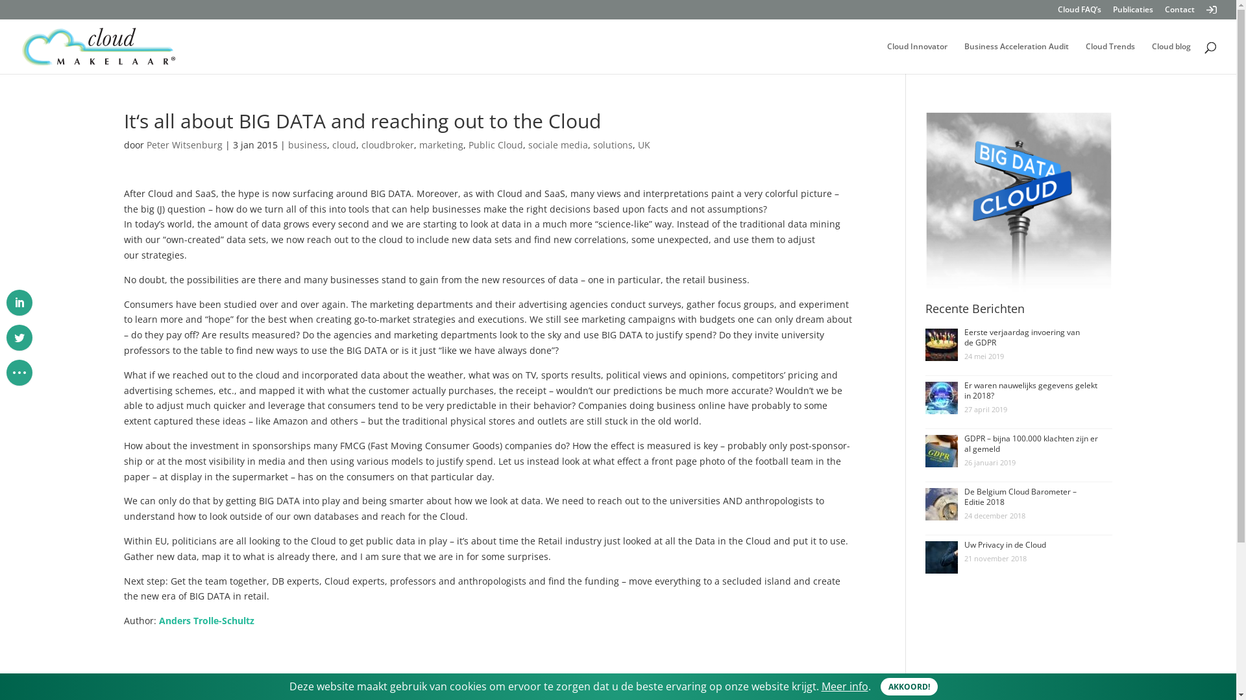 This screenshot has height=700, width=1246. What do you see at coordinates (1171, 57) in the screenshot?
I see `'Cloud blog'` at bounding box center [1171, 57].